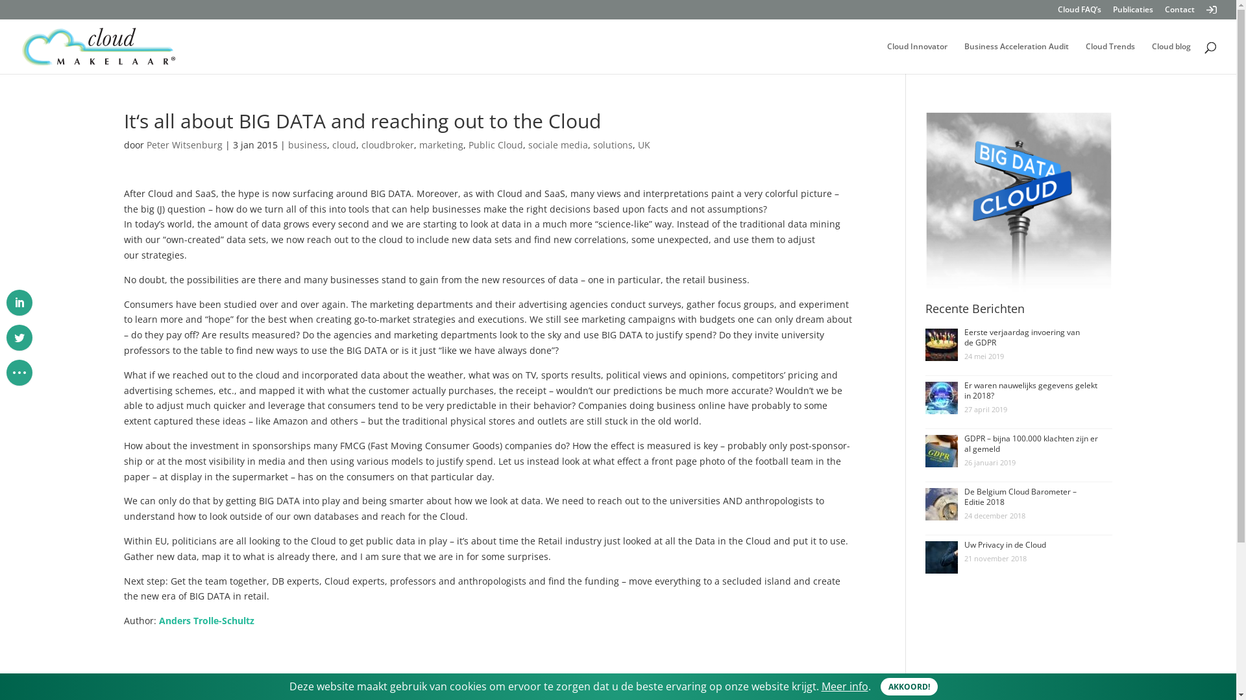 This screenshot has height=700, width=1246. What do you see at coordinates (1171, 57) in the screenshot?
I see `'Cloud blog'` at bounding box center [1171, 57].